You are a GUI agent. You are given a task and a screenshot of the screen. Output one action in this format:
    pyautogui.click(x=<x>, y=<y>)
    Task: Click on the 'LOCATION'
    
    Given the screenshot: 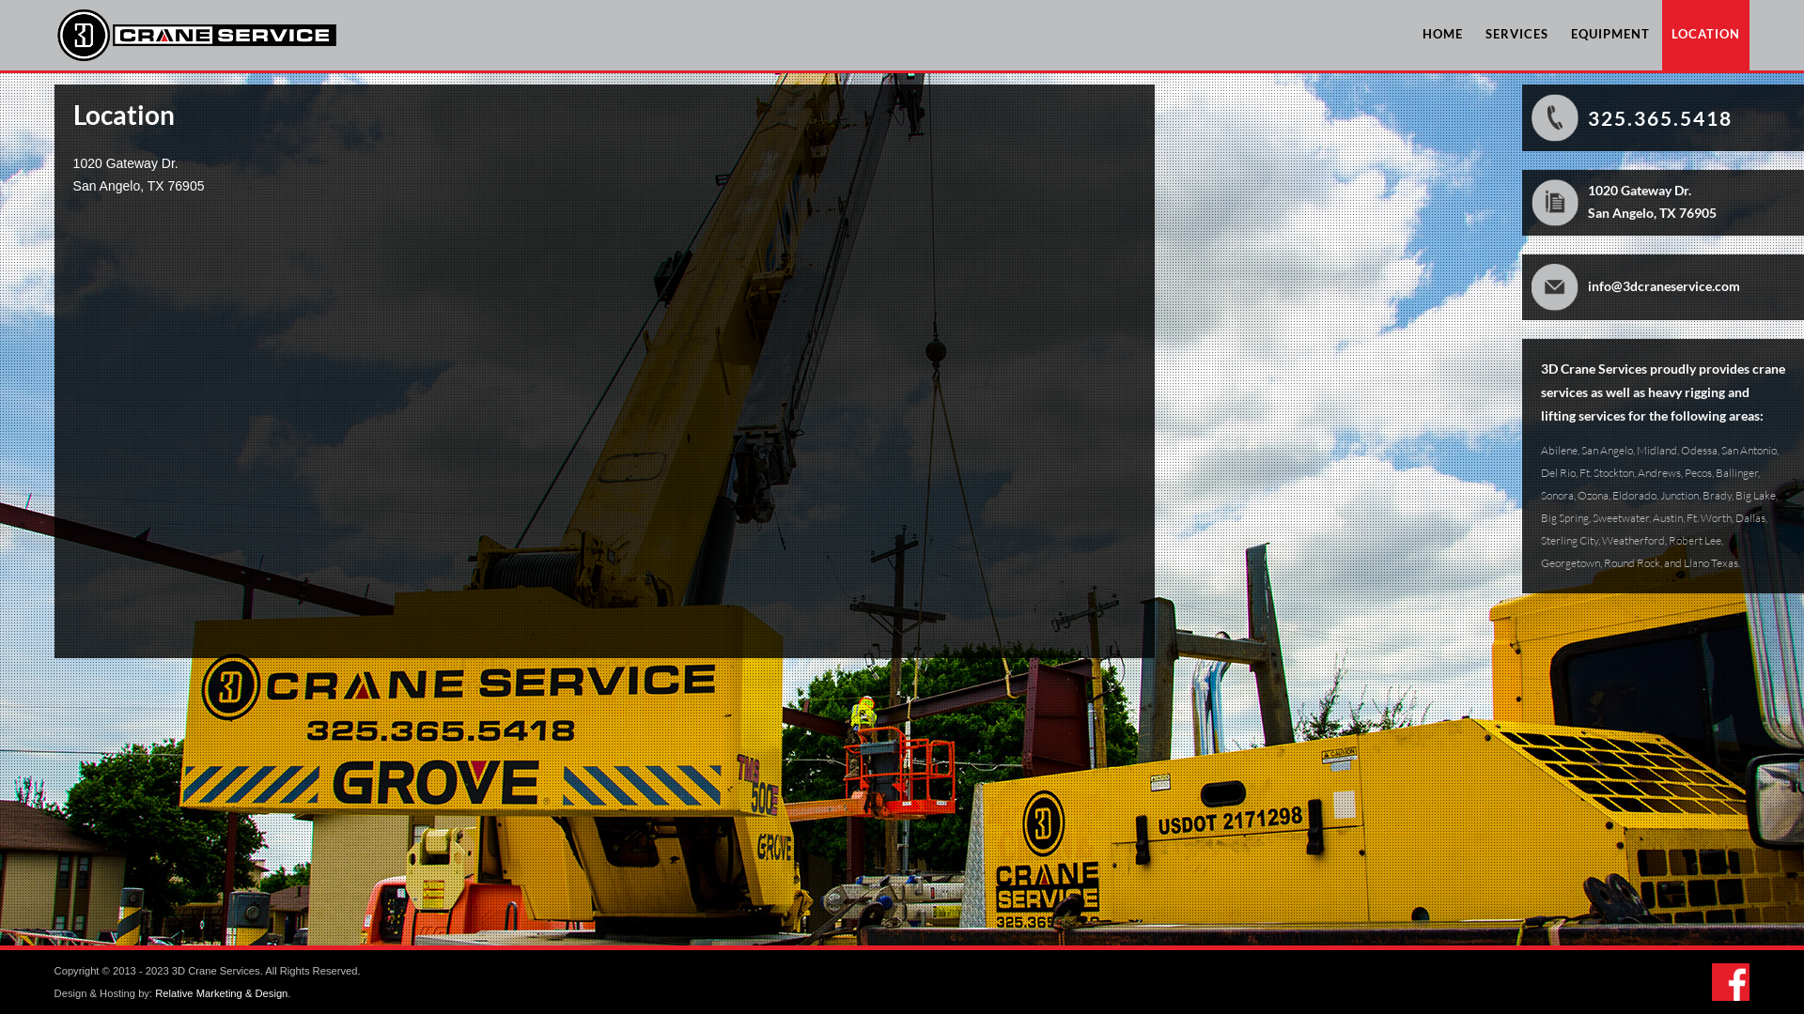 What is the action you would take?
    pyautogui.click(x=1705, y=35)
    